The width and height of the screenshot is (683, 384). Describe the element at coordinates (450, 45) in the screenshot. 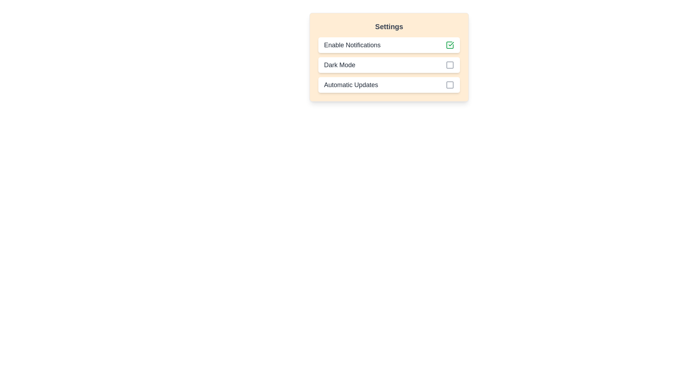

I see `the Checkbox indicator for 'Enable Notifications' by clicking on it, which is represented by a green check-mark icon within a square outline, indicating its selected state` at that location.